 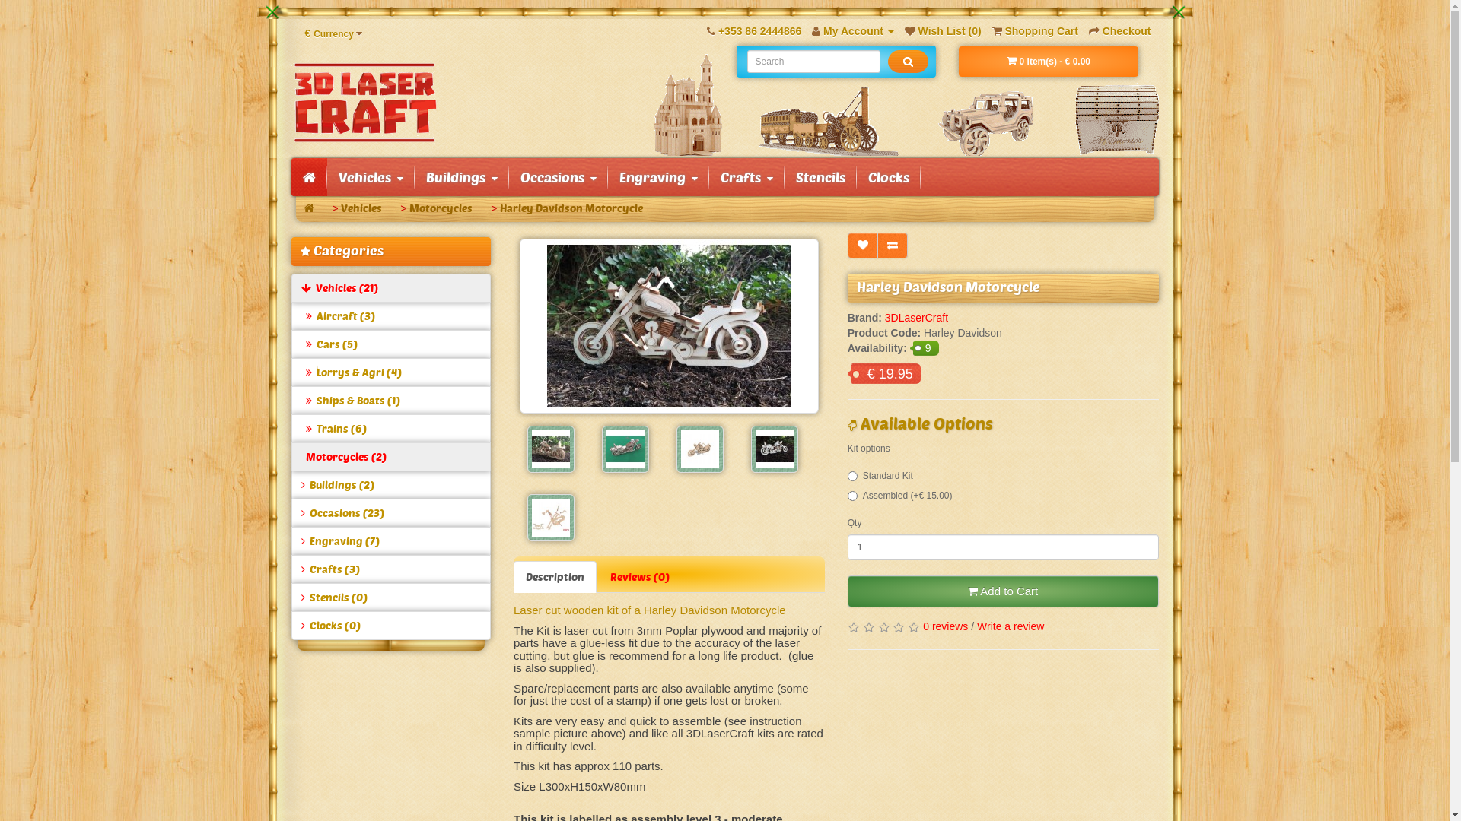 I want to click on 'Write a review', so click(x=1011, y=626).